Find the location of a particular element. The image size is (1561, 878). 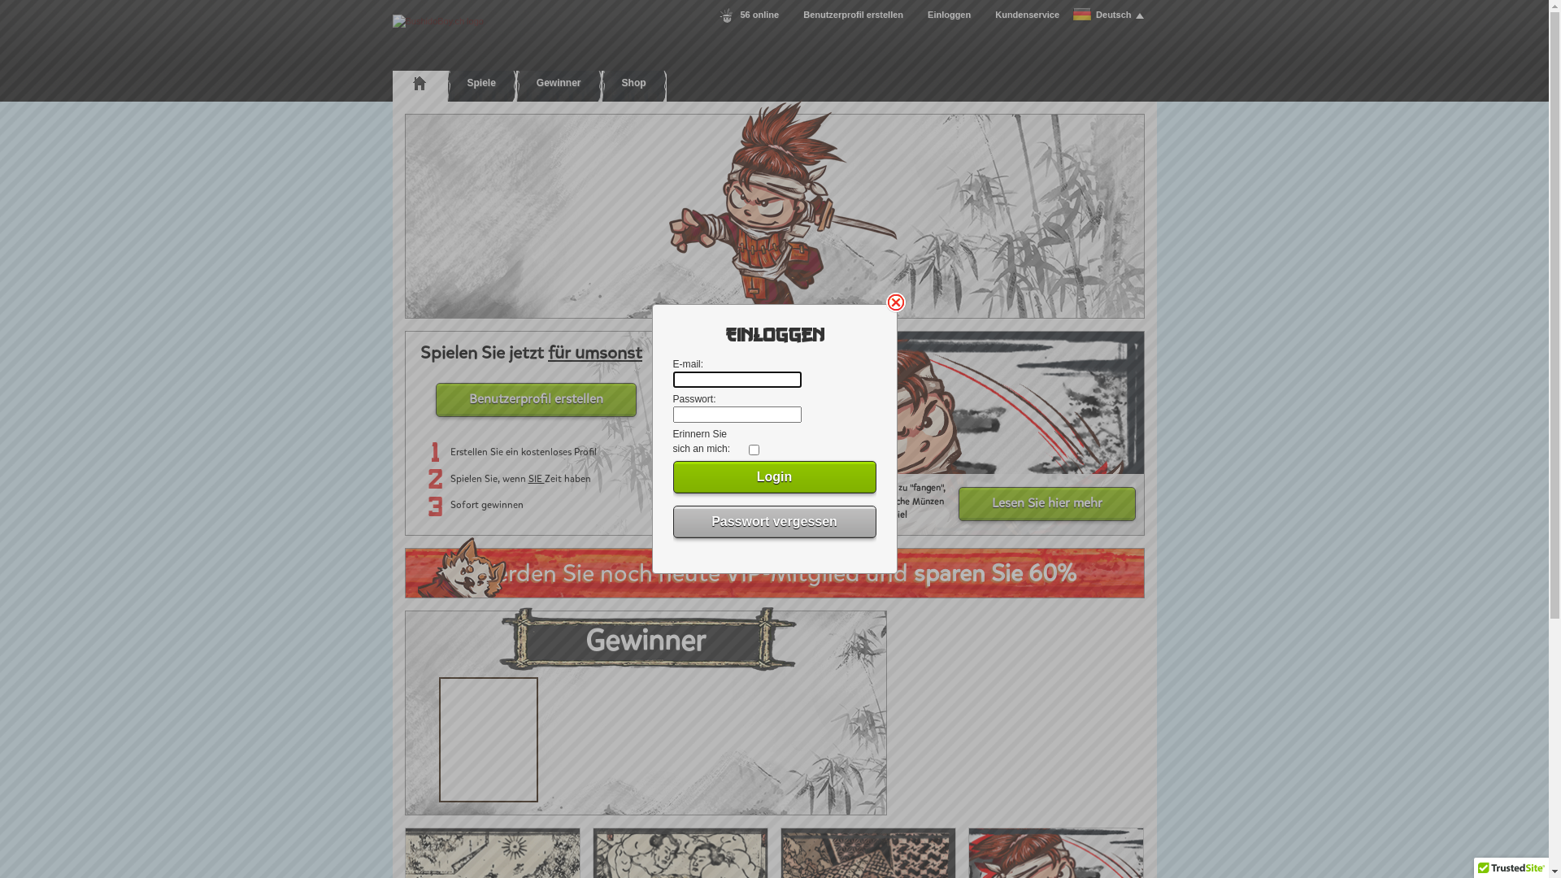

'Startseite' is located at coordinates (419, 82).